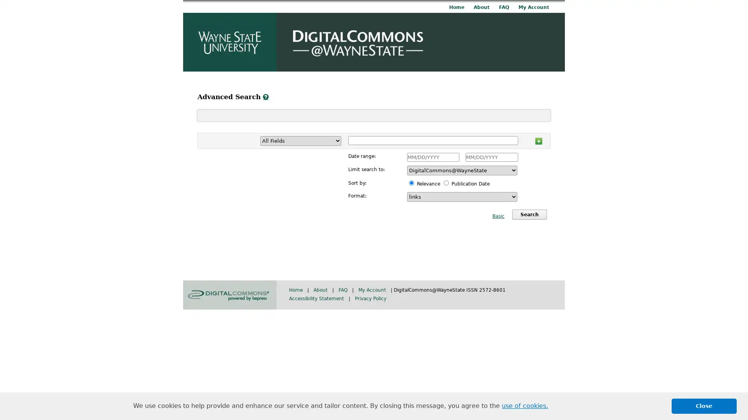 The image size is (748, 420). Describe the element at coordinates (529, 214) in the screenshot. I see `Search` at that location.